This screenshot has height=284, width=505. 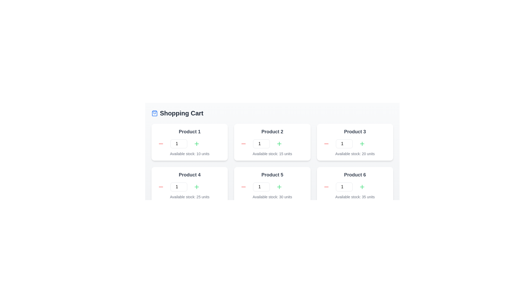 I want to click on the button to the right of the numeric input field that increments the quantity of 'Product 2' in the shopping cart, so click(x=279, y=144).